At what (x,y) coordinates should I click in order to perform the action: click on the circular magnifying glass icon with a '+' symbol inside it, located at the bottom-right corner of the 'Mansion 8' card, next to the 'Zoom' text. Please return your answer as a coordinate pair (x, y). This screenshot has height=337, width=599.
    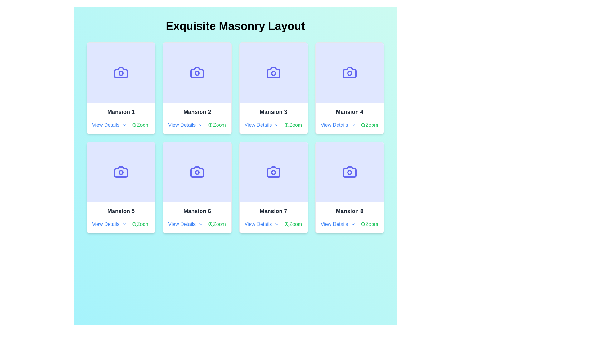
    Looking at the image, I should click on (363, 224).